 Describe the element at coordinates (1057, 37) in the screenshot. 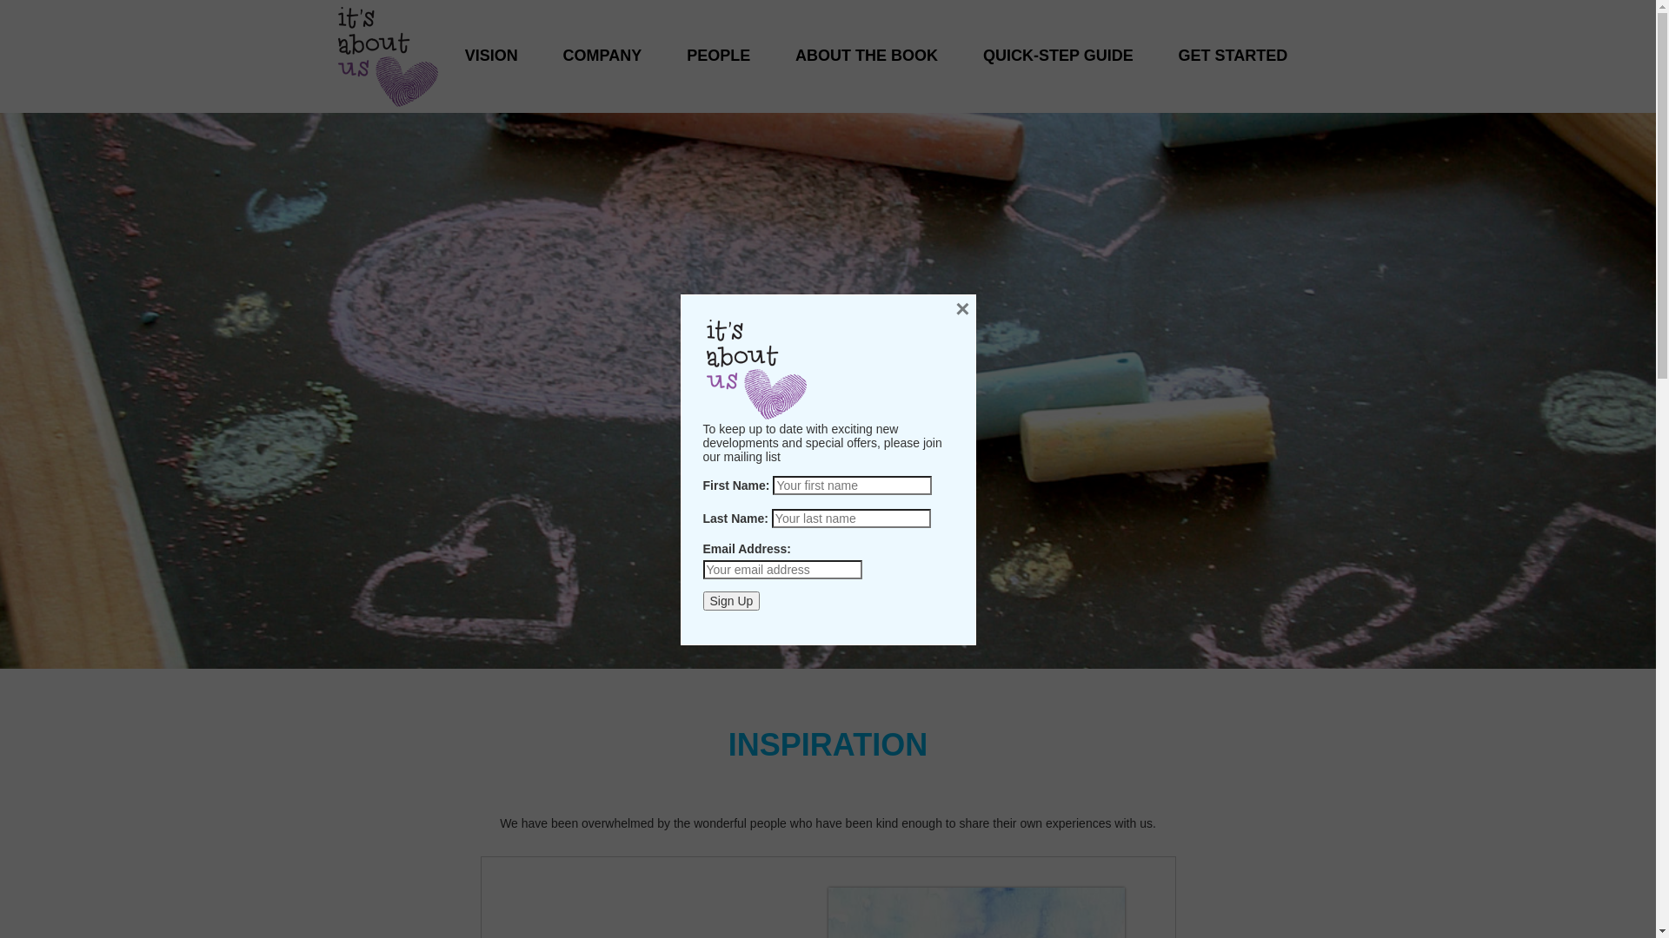

I see `'QUICK-STEP GUIDE'` at that location.